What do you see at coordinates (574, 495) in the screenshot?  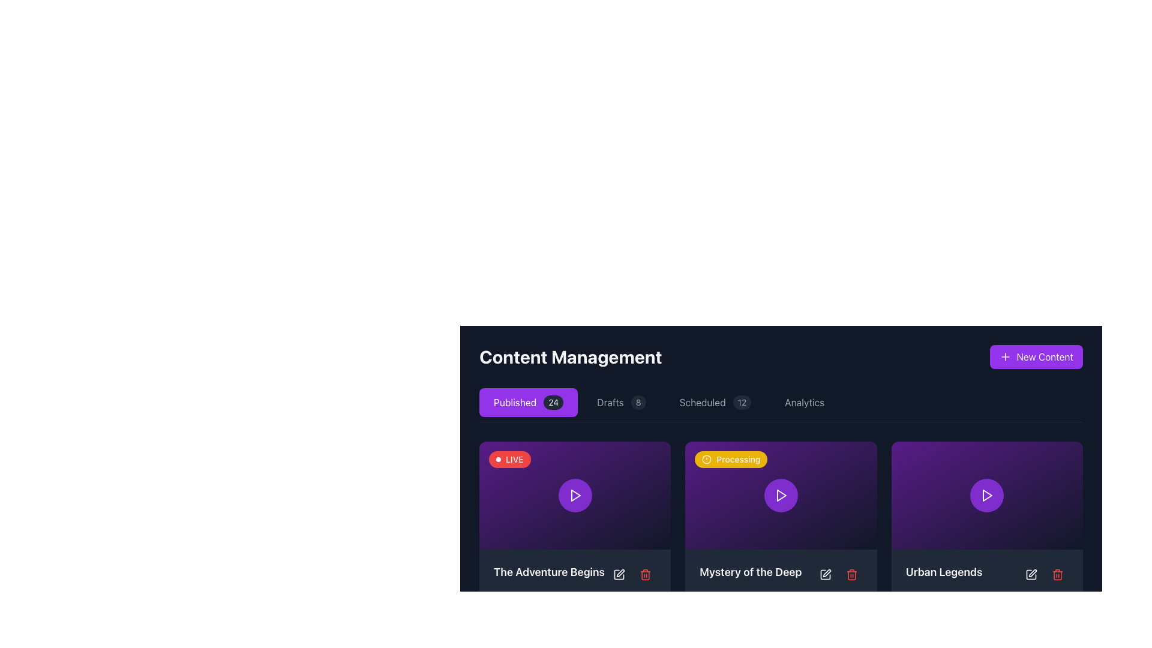 I see `the play button located at the top-center of the purple content card labeled 'The Adventure Begins' in the 'Content Management' section` at bounding box center [574, 495].